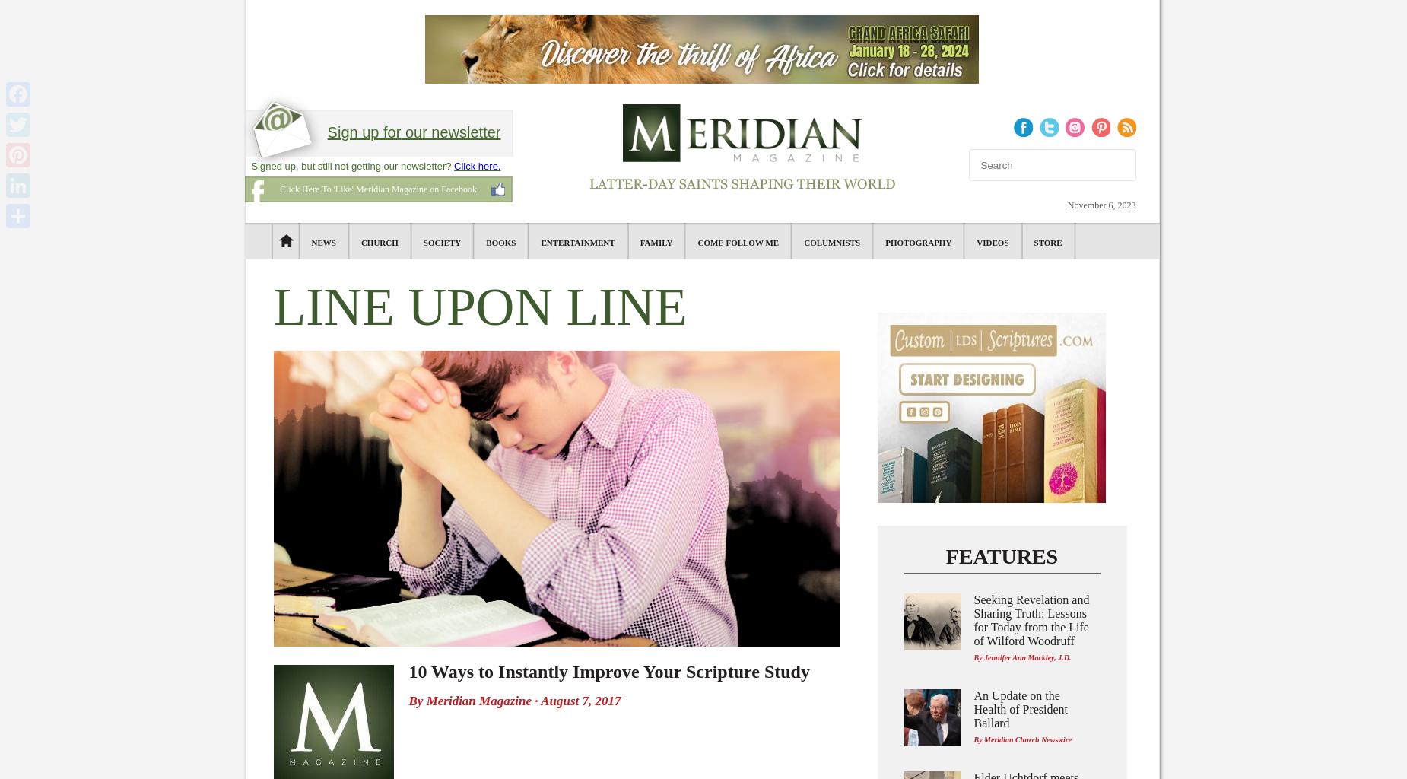 Image resolution: width=1407 pixels, height=779 pixels. Describe the element at coordinates (917, 241) in the screenshot. I see `'Photography'` at that location.